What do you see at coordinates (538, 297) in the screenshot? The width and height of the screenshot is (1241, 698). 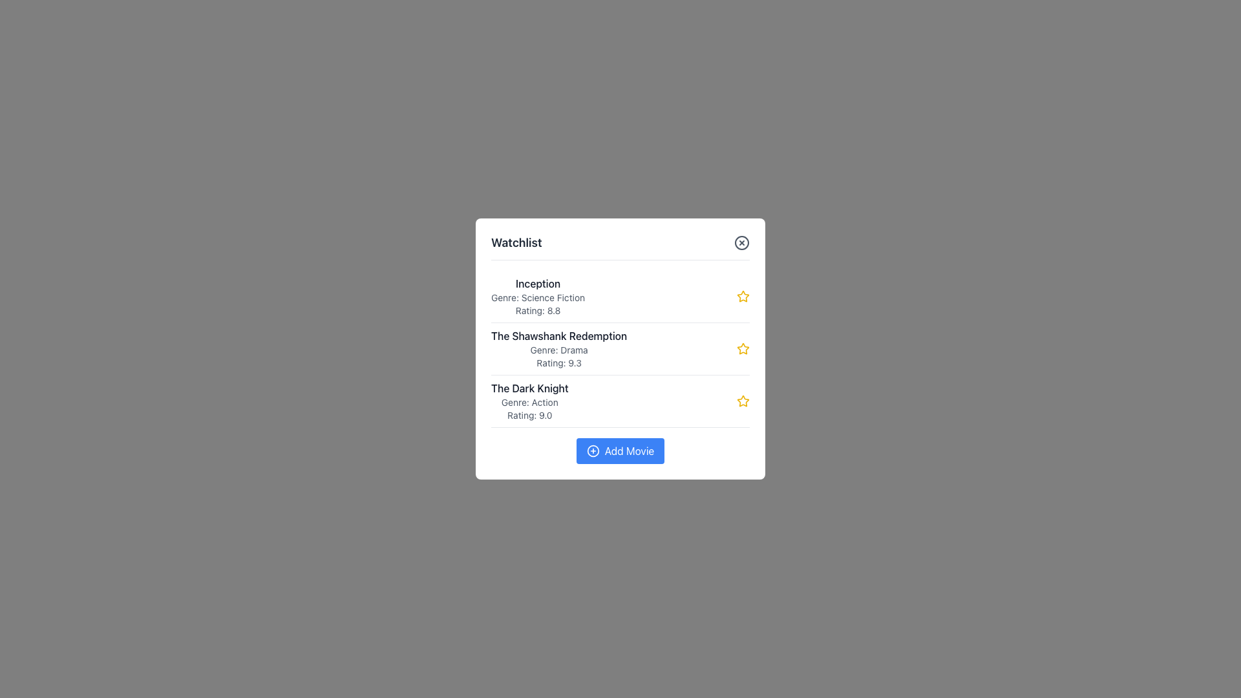 I see `the Text Display for the movie 'Inception', which shows the title in bold black text along with genre and rating information in lighter gray text, located in the first row of the 'Watchlist' modal` at bounding box center [538, 297].